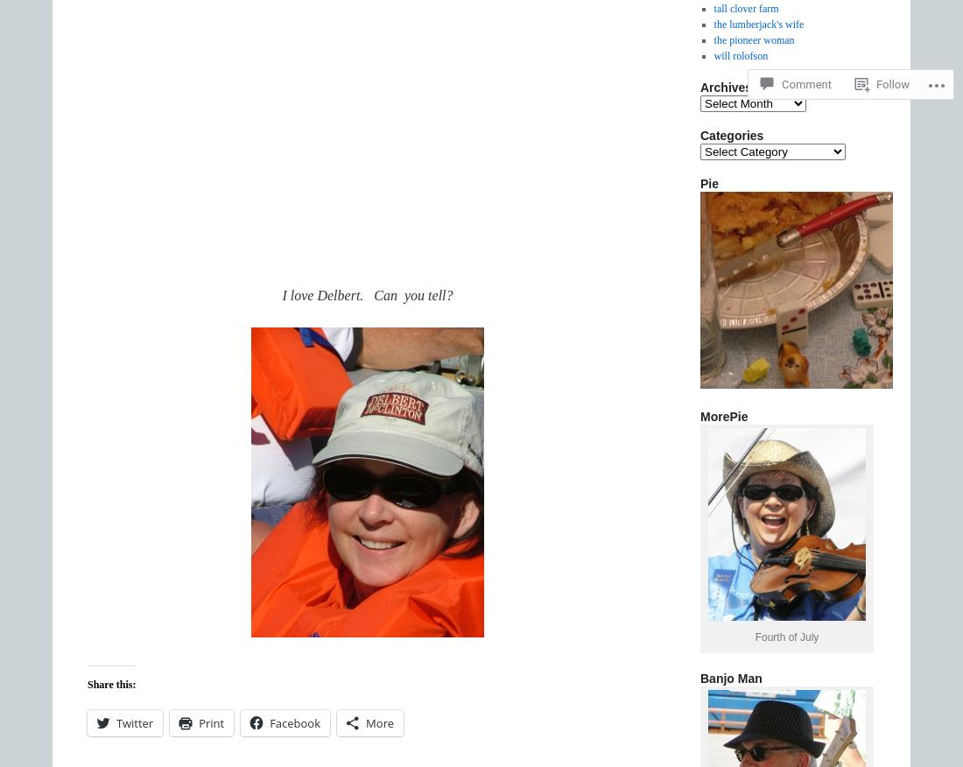  Describe the element at coordinates (294, 722) in the screenshot. I see `'Facebook'` at that location.